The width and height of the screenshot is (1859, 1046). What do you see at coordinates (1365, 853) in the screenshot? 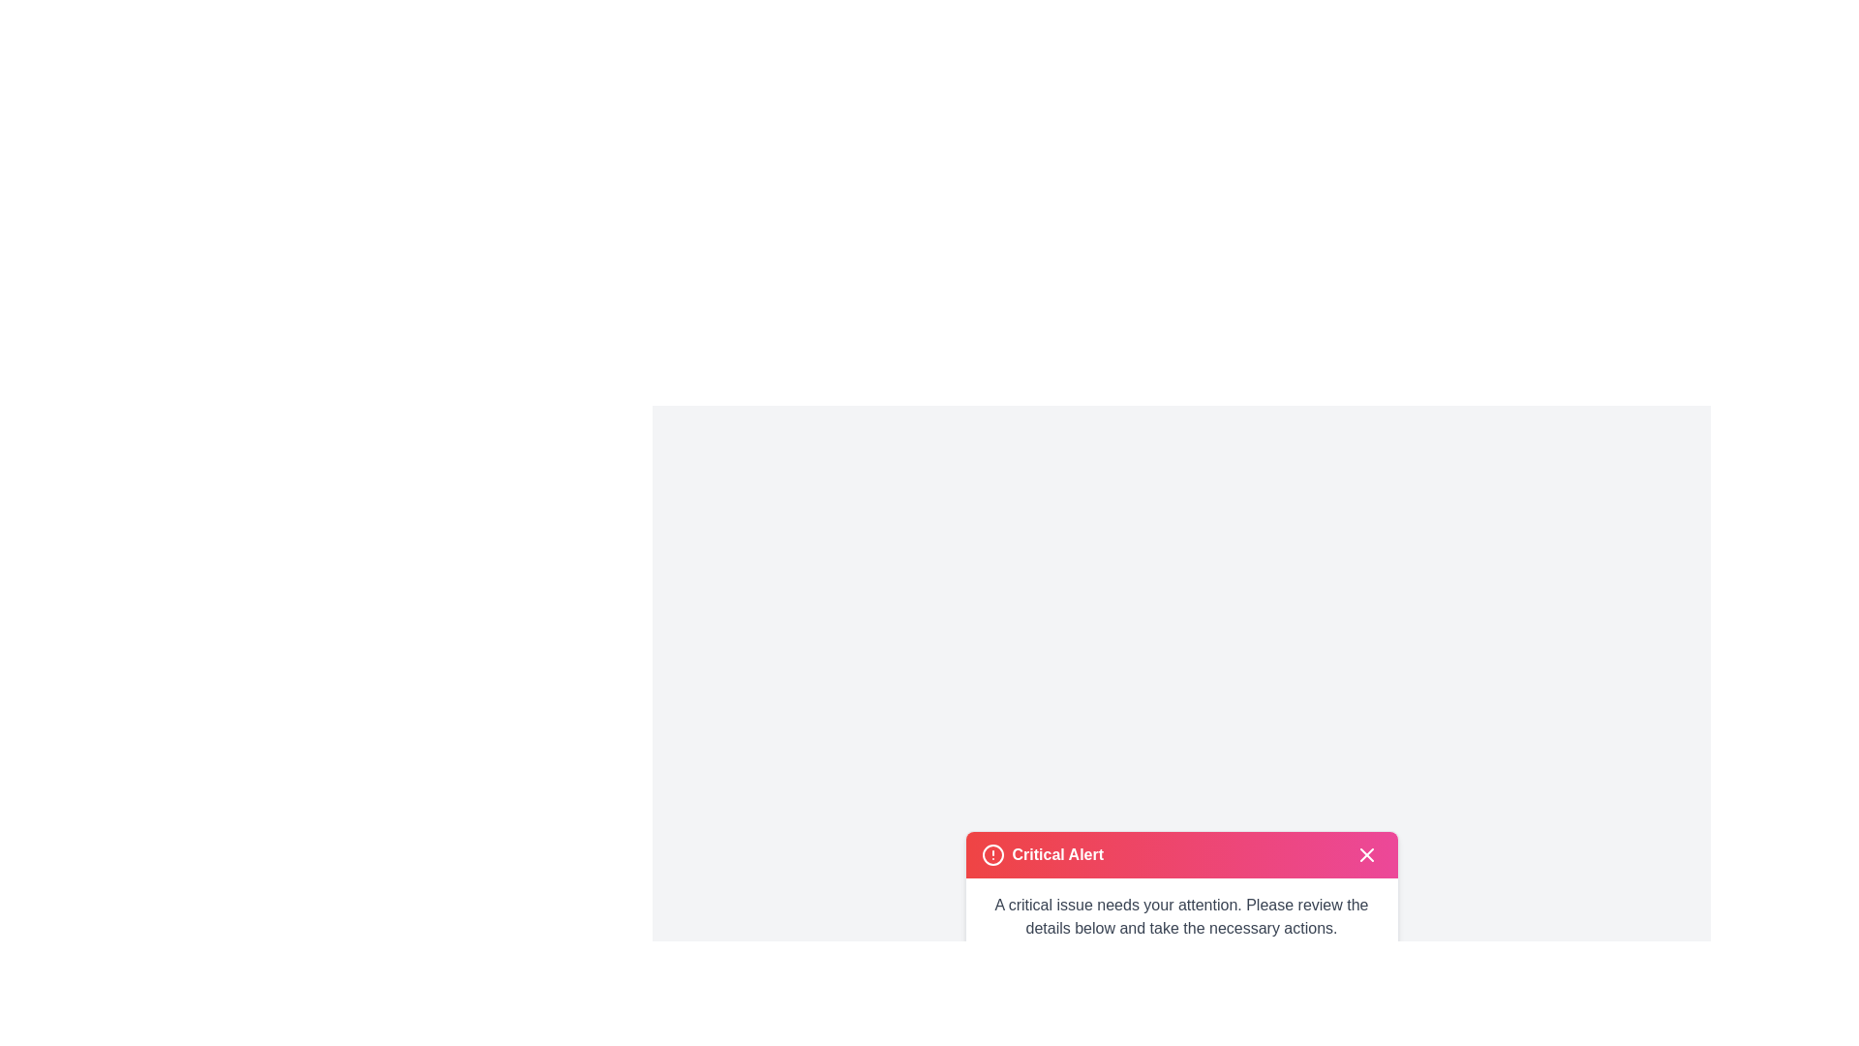
I see `the cross icon located in the top-right corner of the red and pink gradient alert box` at bounding box center [1365, 853].